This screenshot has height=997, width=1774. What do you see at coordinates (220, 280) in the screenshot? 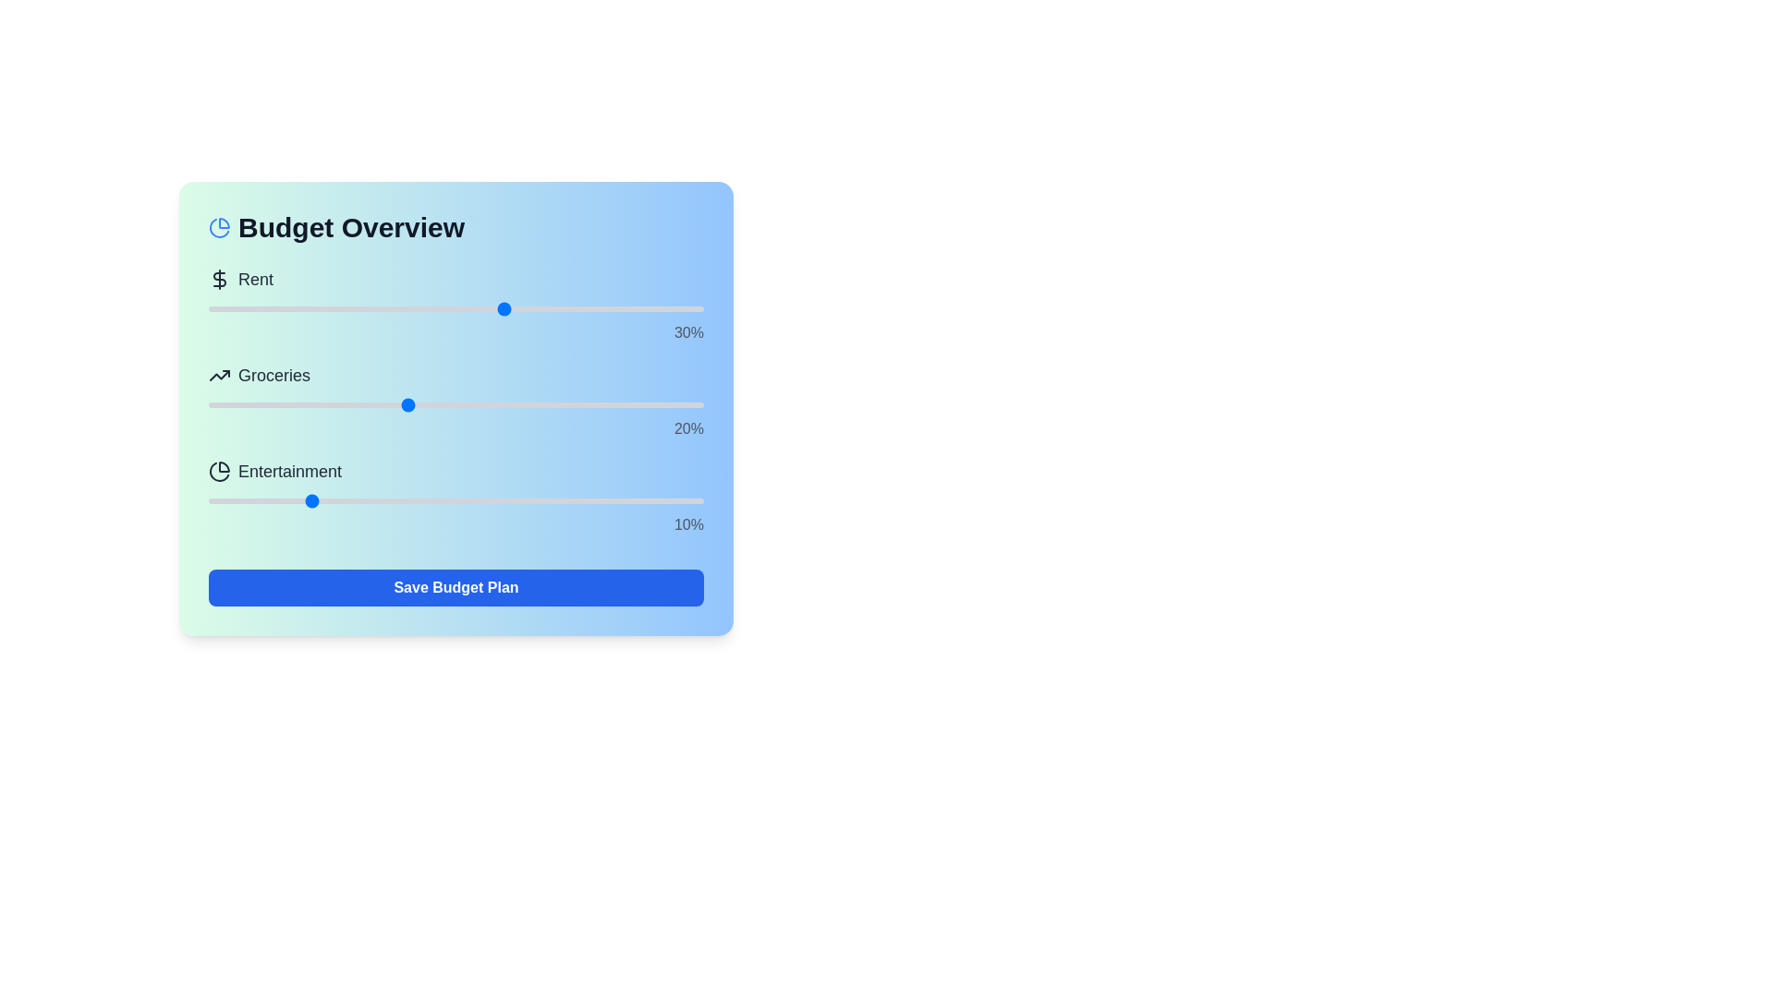
I see `the decorative financial icon located to the left of the 'Rent' label in the 'Budget Overview' section` at bounding box center [220, 280].